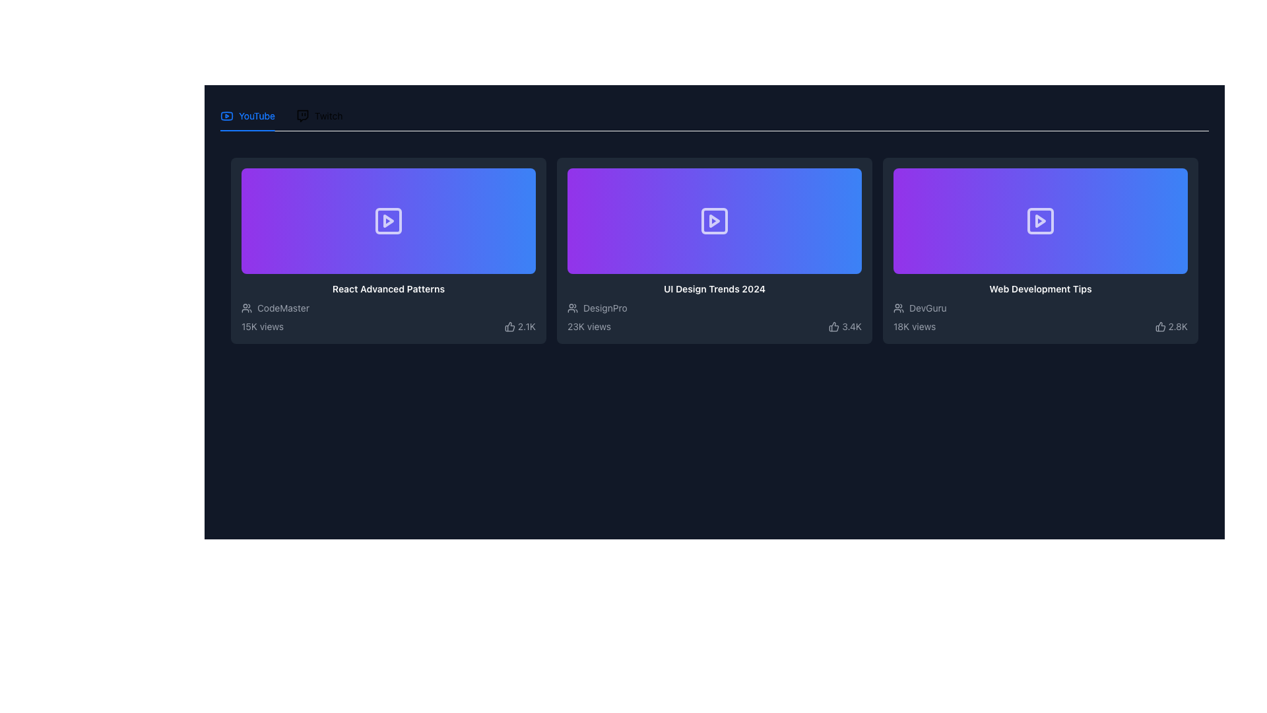  Describe the element at coordinates (509, 326) in the screenshot. I see `the Thumbs-Up icon` at that location.